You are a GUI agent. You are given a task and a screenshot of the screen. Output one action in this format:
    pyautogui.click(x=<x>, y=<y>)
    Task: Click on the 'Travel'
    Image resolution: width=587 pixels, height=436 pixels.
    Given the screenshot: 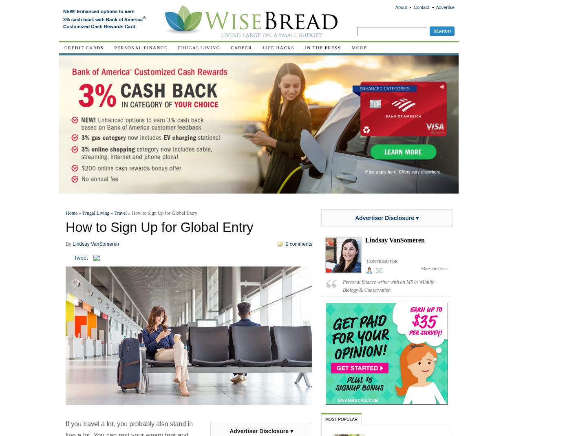 What is the action you would take?
    pyautogui.click(x=120, y=213)
    